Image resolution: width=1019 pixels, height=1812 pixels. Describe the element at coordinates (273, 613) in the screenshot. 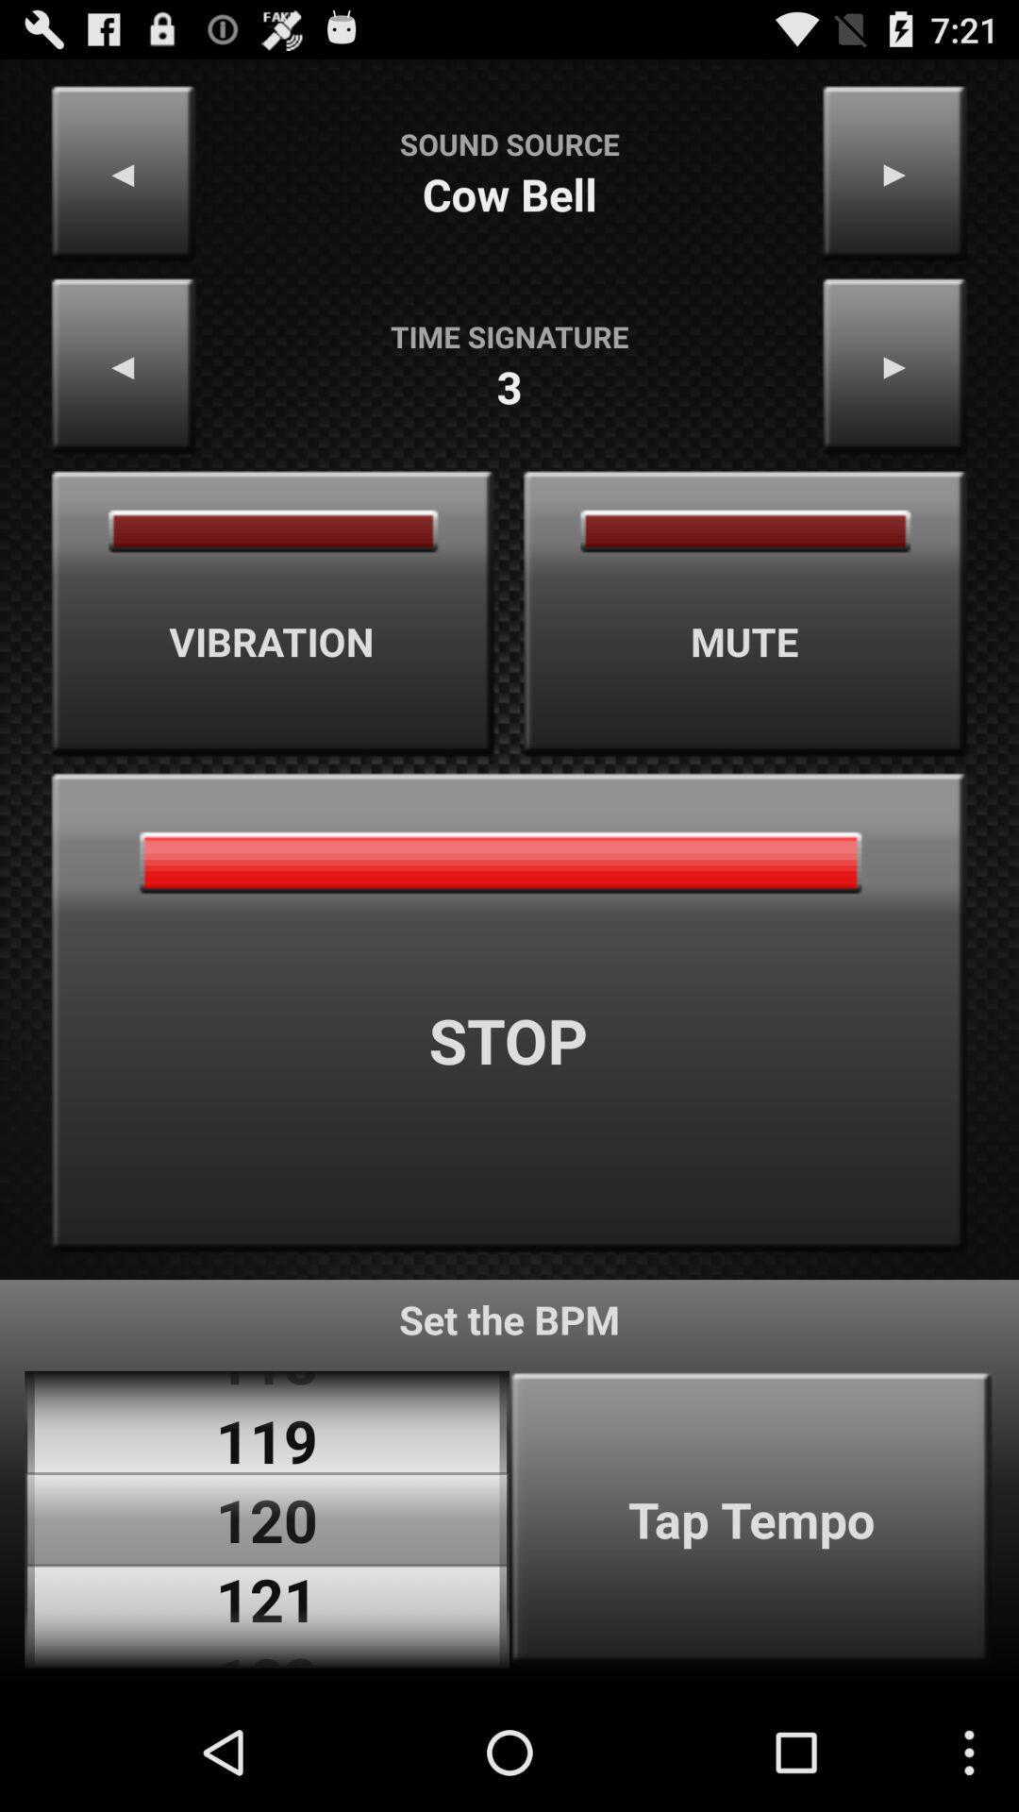

I see `vibration item` at that location.